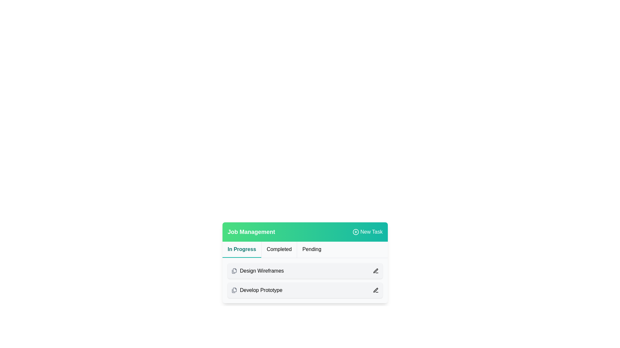  I want to click on the icon representing the 'Develop Prototype' task, which is located in the 'In Progress' tab, as the second task in the list, aligned to the left of its task label, so click(234, 290).